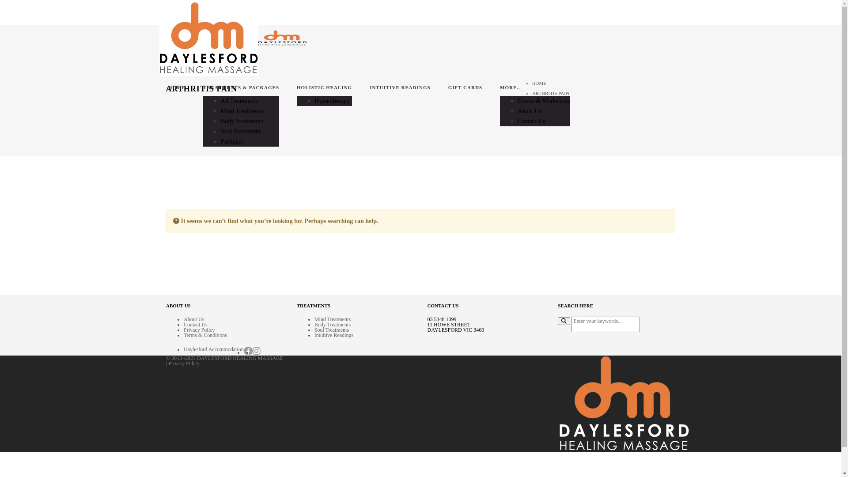 This screenshot has width=848, height=477. Describe the element at coordinates (331, 330) in the screenshot. I see `'Soul Treatments'` at that location.